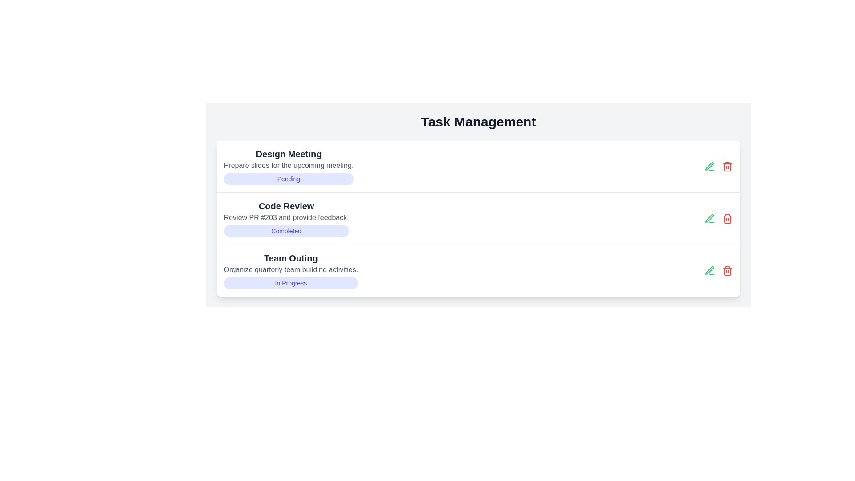 This screenshot has height=481, width=855. Describe the element at coordinates (289, 165) in the screenshot. I see `the text label displaying 'Prepare slides for the upcoming meeting.' which is located beneath the title 'Design Meeting' and above the status indicator 'Pending'` at that location.